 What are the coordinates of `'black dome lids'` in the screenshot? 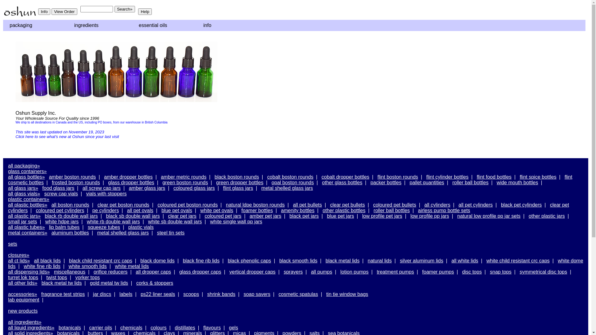 It's located at (157, 261).